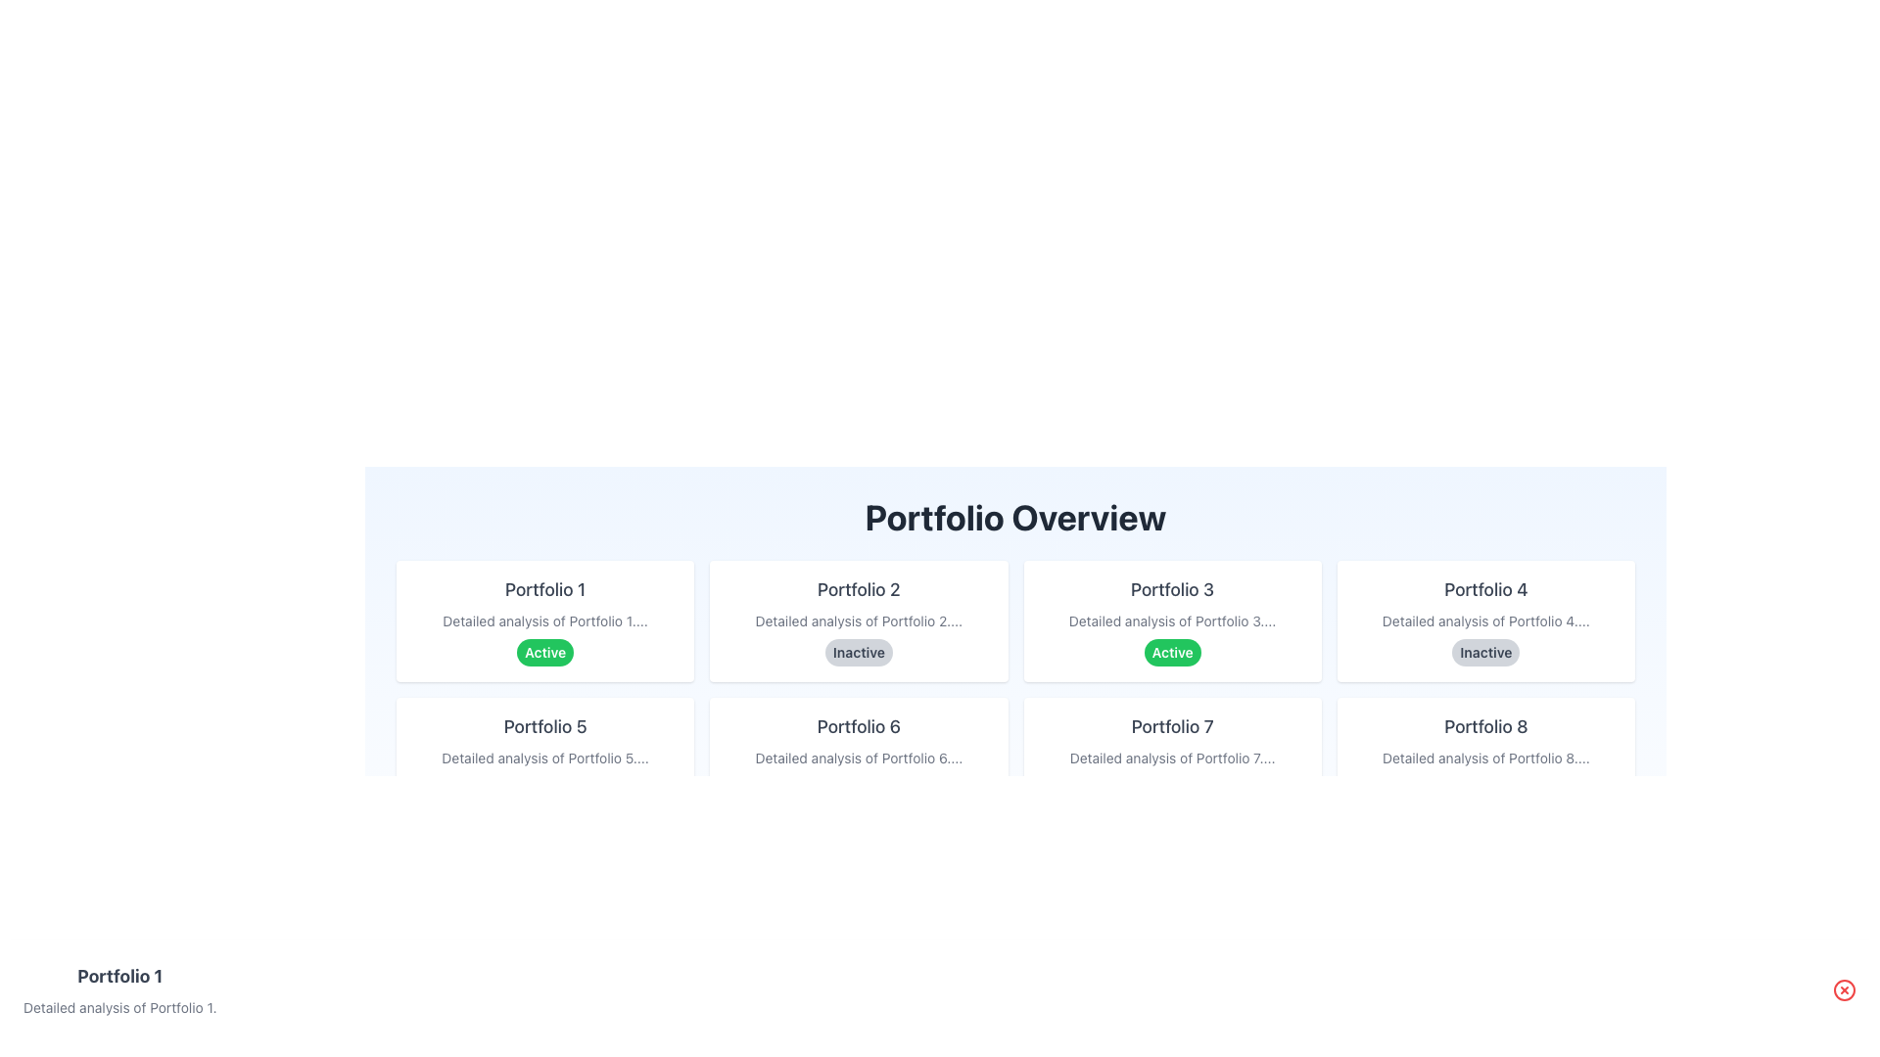 Image resolution: width=1880 pixels, height=1057 pixels. Describe the element at coordinates (545, 895) in the screenshot. I see `the portfolio card located in the second column and fifth row of the grid layout` at that location.